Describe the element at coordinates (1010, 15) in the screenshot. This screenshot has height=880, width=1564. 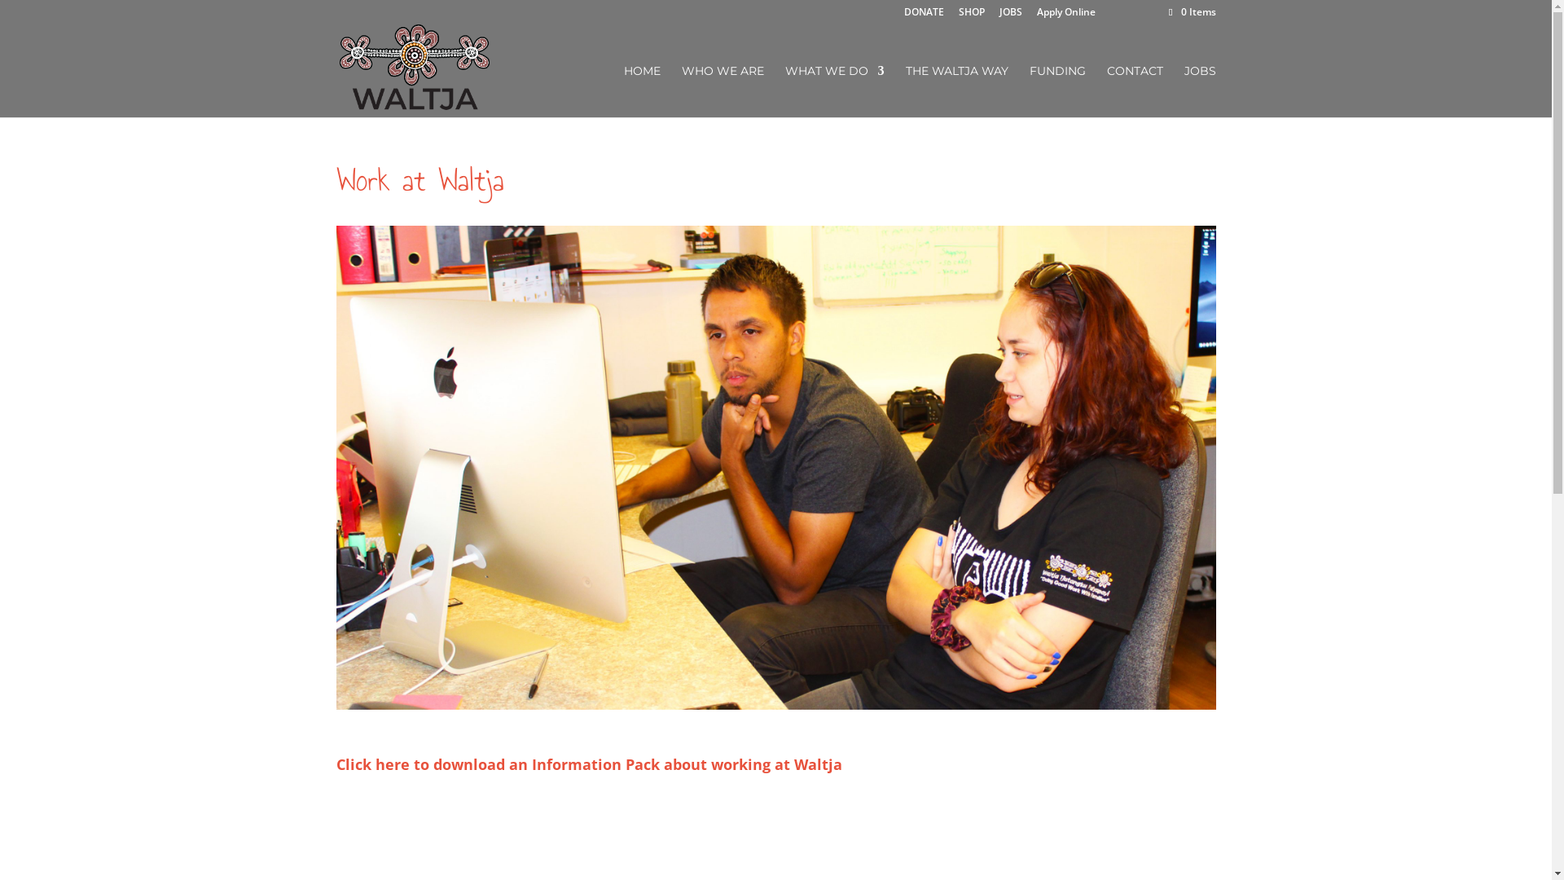
I see `'JOBS'` at that location.